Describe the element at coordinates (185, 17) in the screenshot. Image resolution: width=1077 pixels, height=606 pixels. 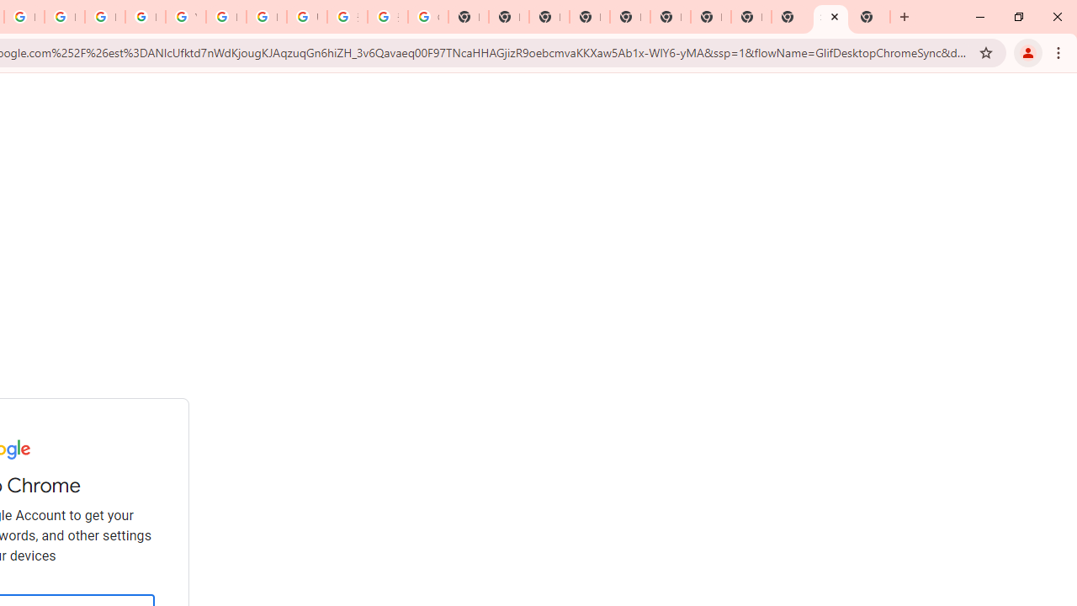
I see `'YouTube'` at that location.